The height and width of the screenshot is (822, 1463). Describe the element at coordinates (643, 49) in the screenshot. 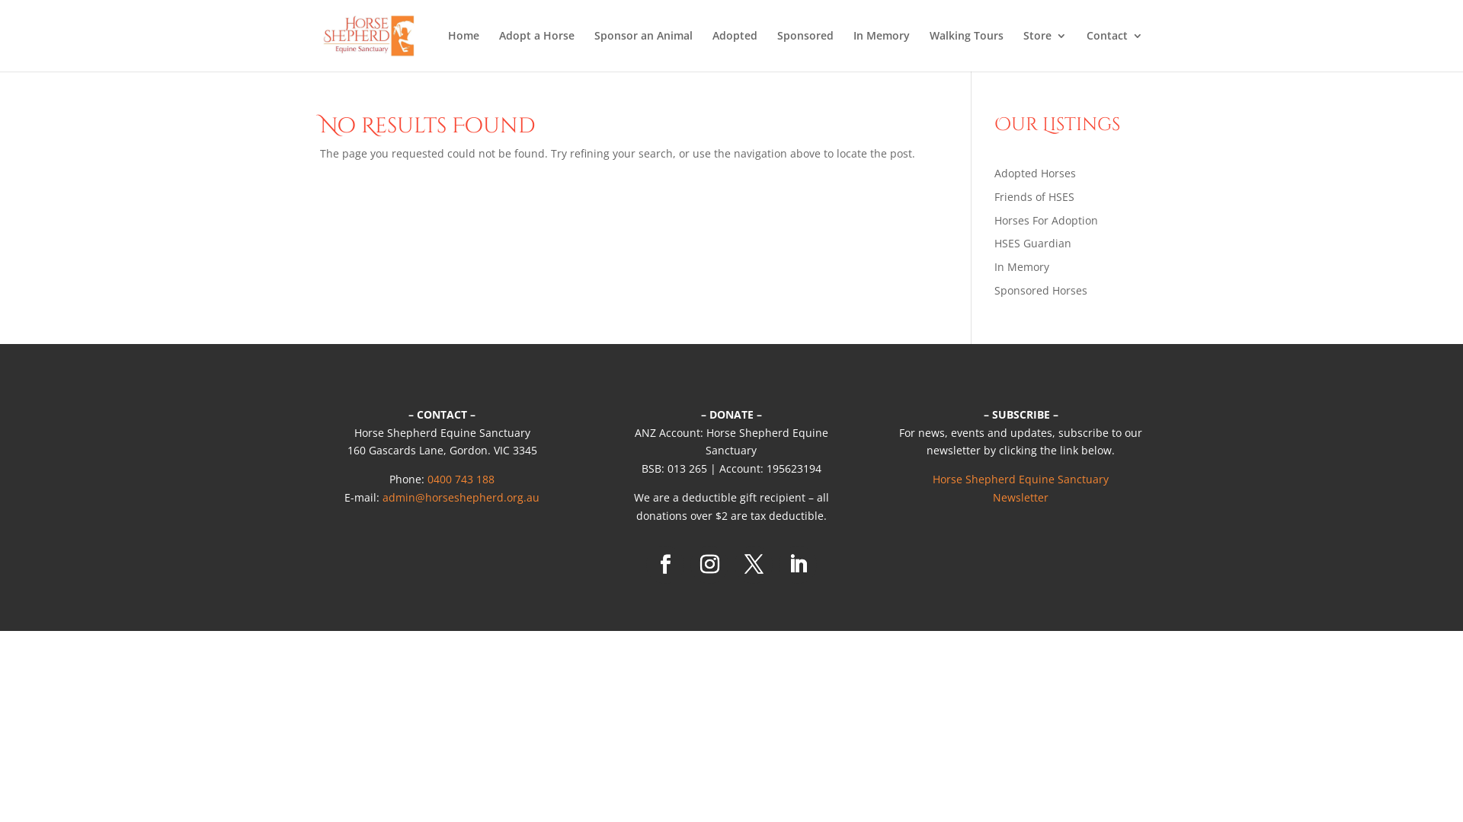

I see `'Sponsor an Animal'` at that location.